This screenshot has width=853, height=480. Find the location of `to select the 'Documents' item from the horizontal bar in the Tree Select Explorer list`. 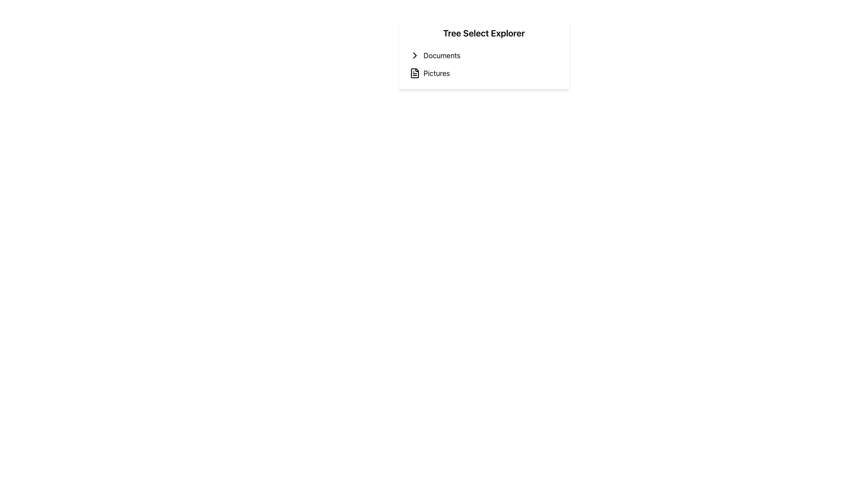

to select the 'Documents' item from the horizontal bar in the Tree Select Explorer list is located at coordinates (483, 55).